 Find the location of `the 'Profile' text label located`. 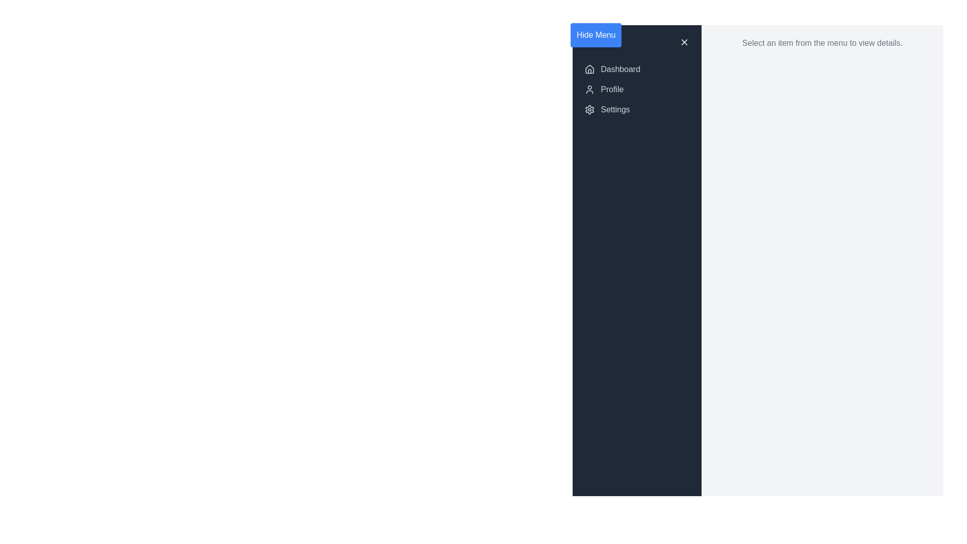

the 'Profile' text label located is located at coordinates (611, 89).